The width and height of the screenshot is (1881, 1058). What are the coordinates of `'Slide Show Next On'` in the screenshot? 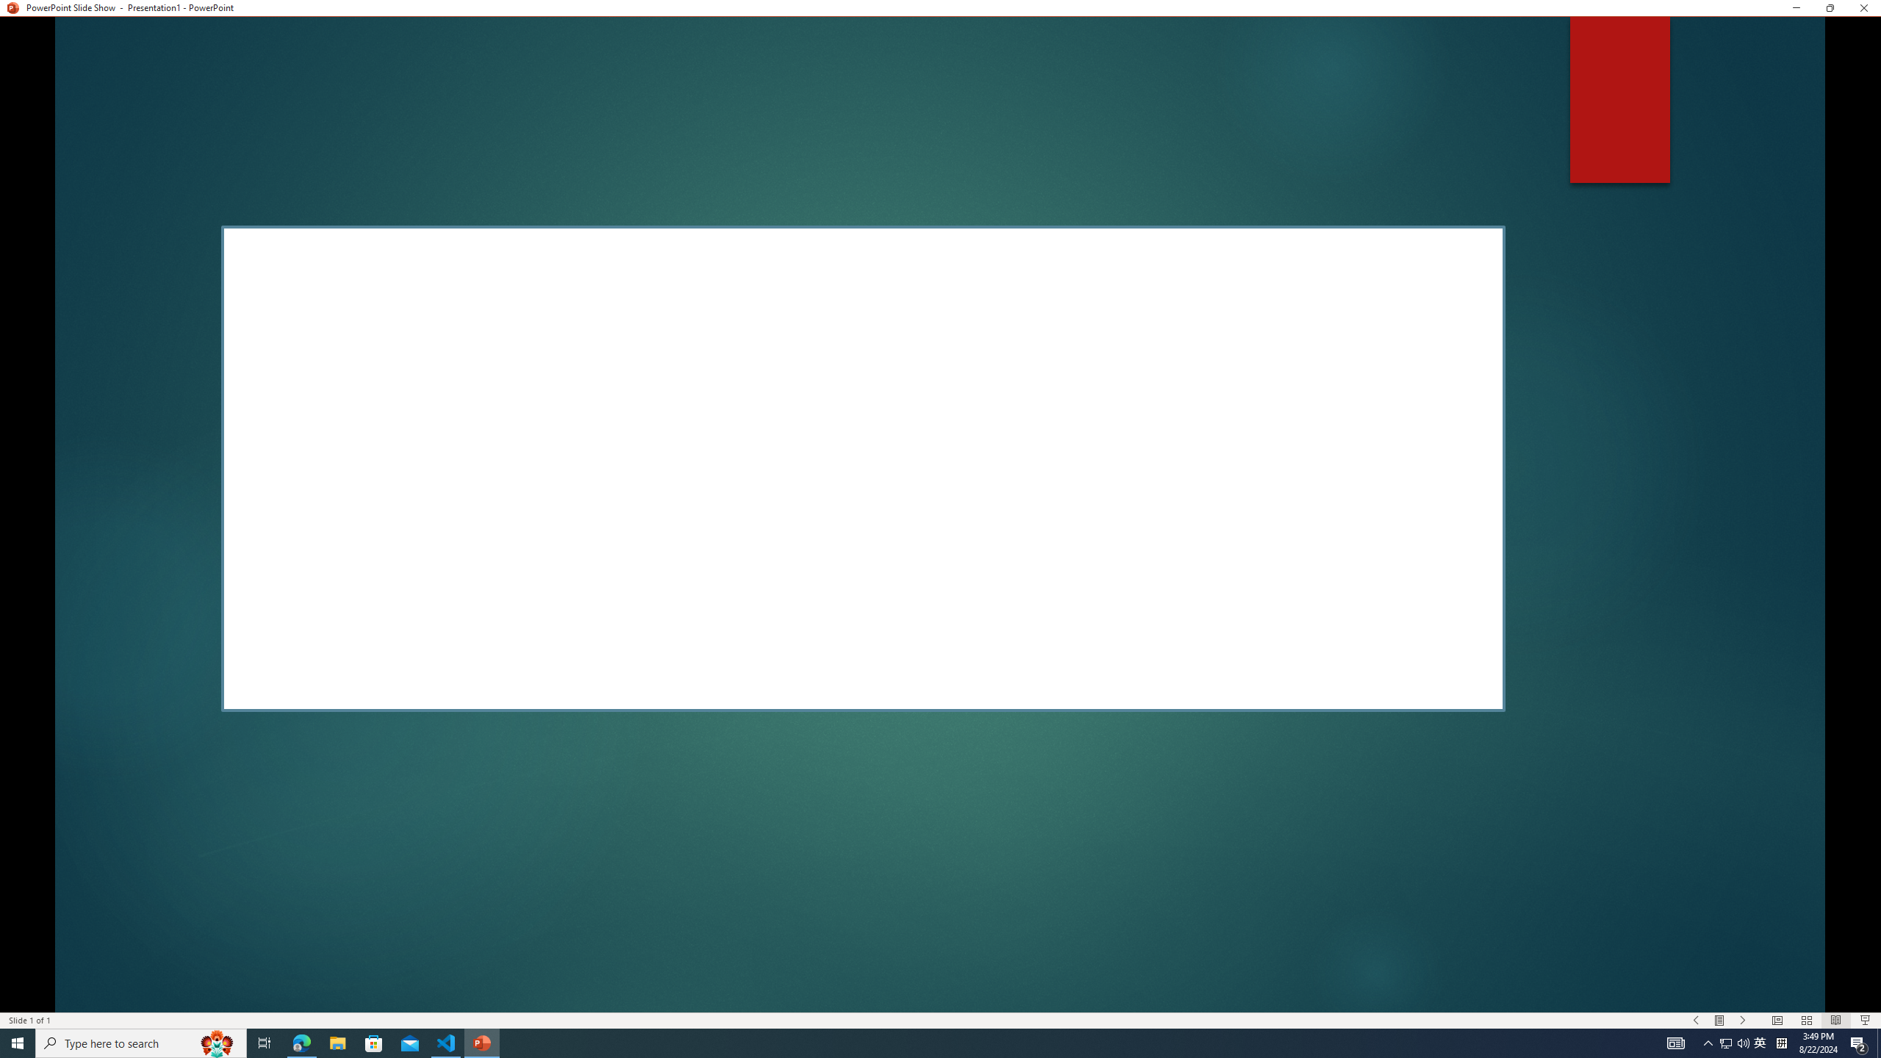 It's located at (1743, 1021).